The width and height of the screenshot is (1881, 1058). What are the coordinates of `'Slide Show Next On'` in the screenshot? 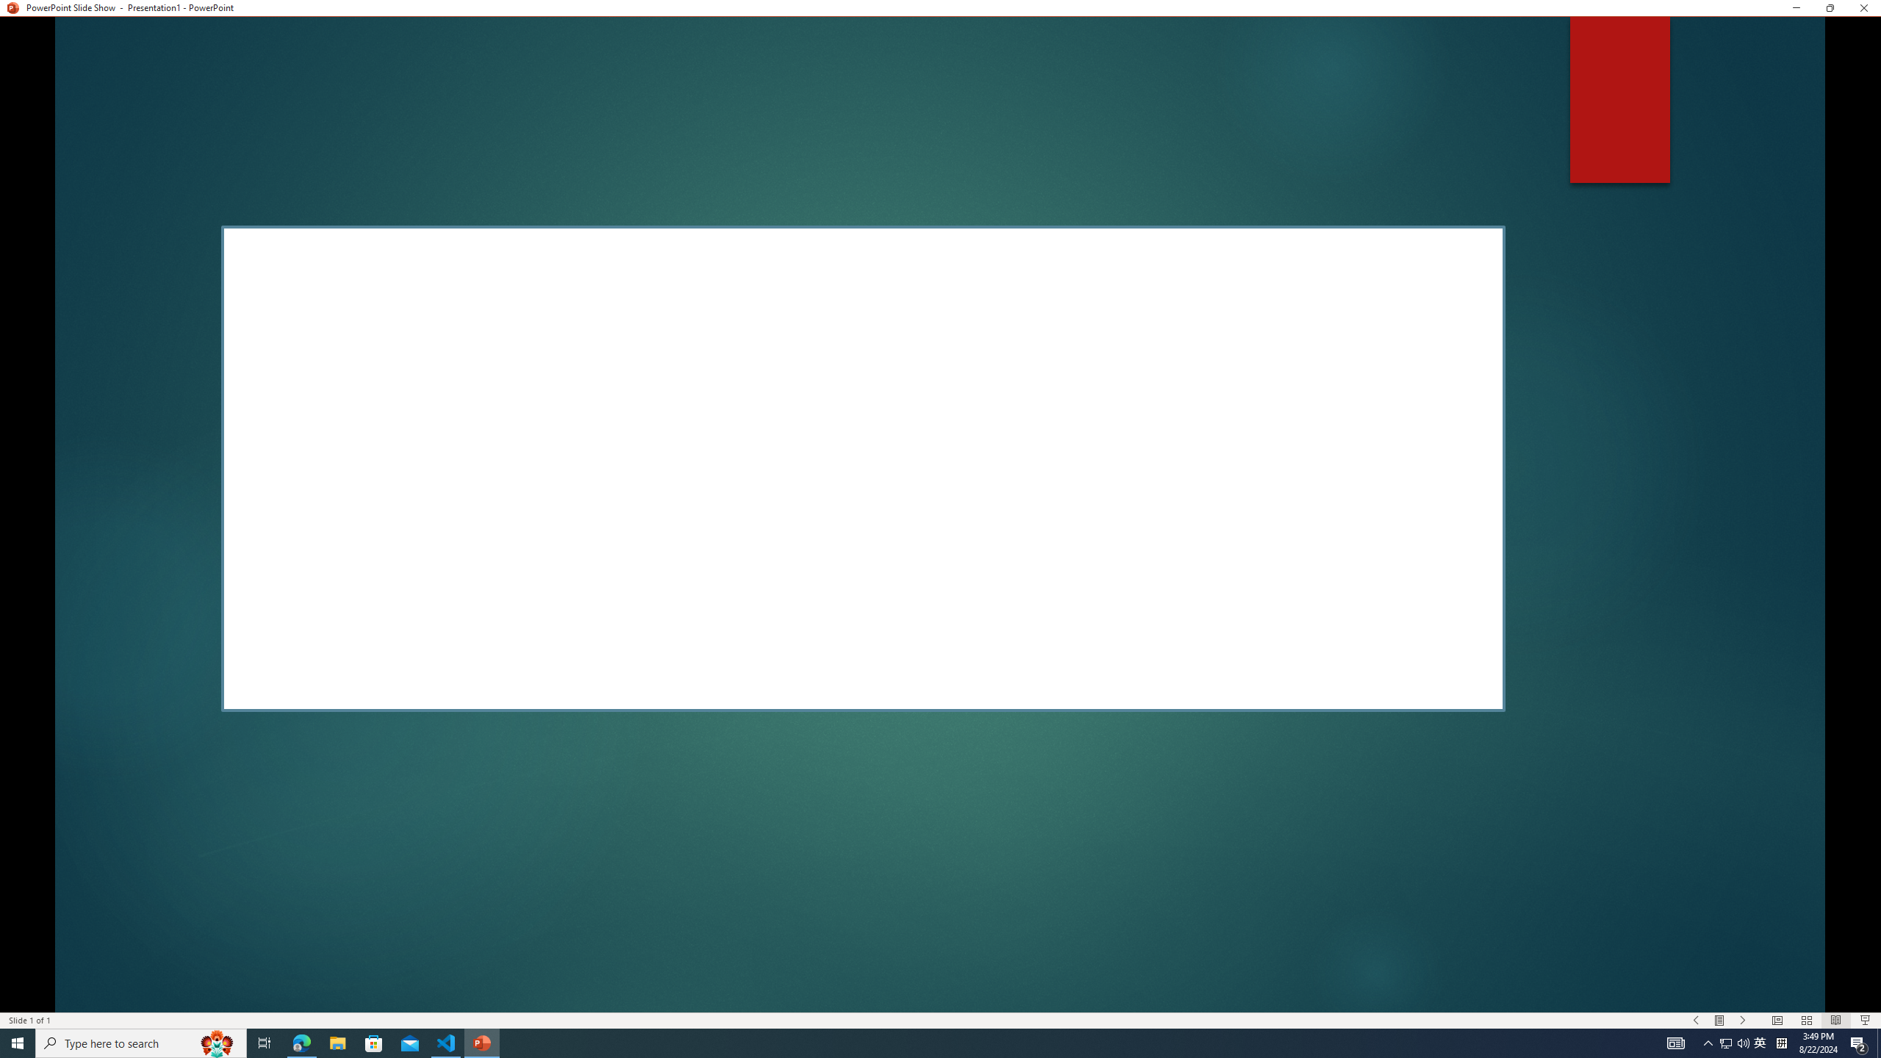 It's located at (1743, 1021).